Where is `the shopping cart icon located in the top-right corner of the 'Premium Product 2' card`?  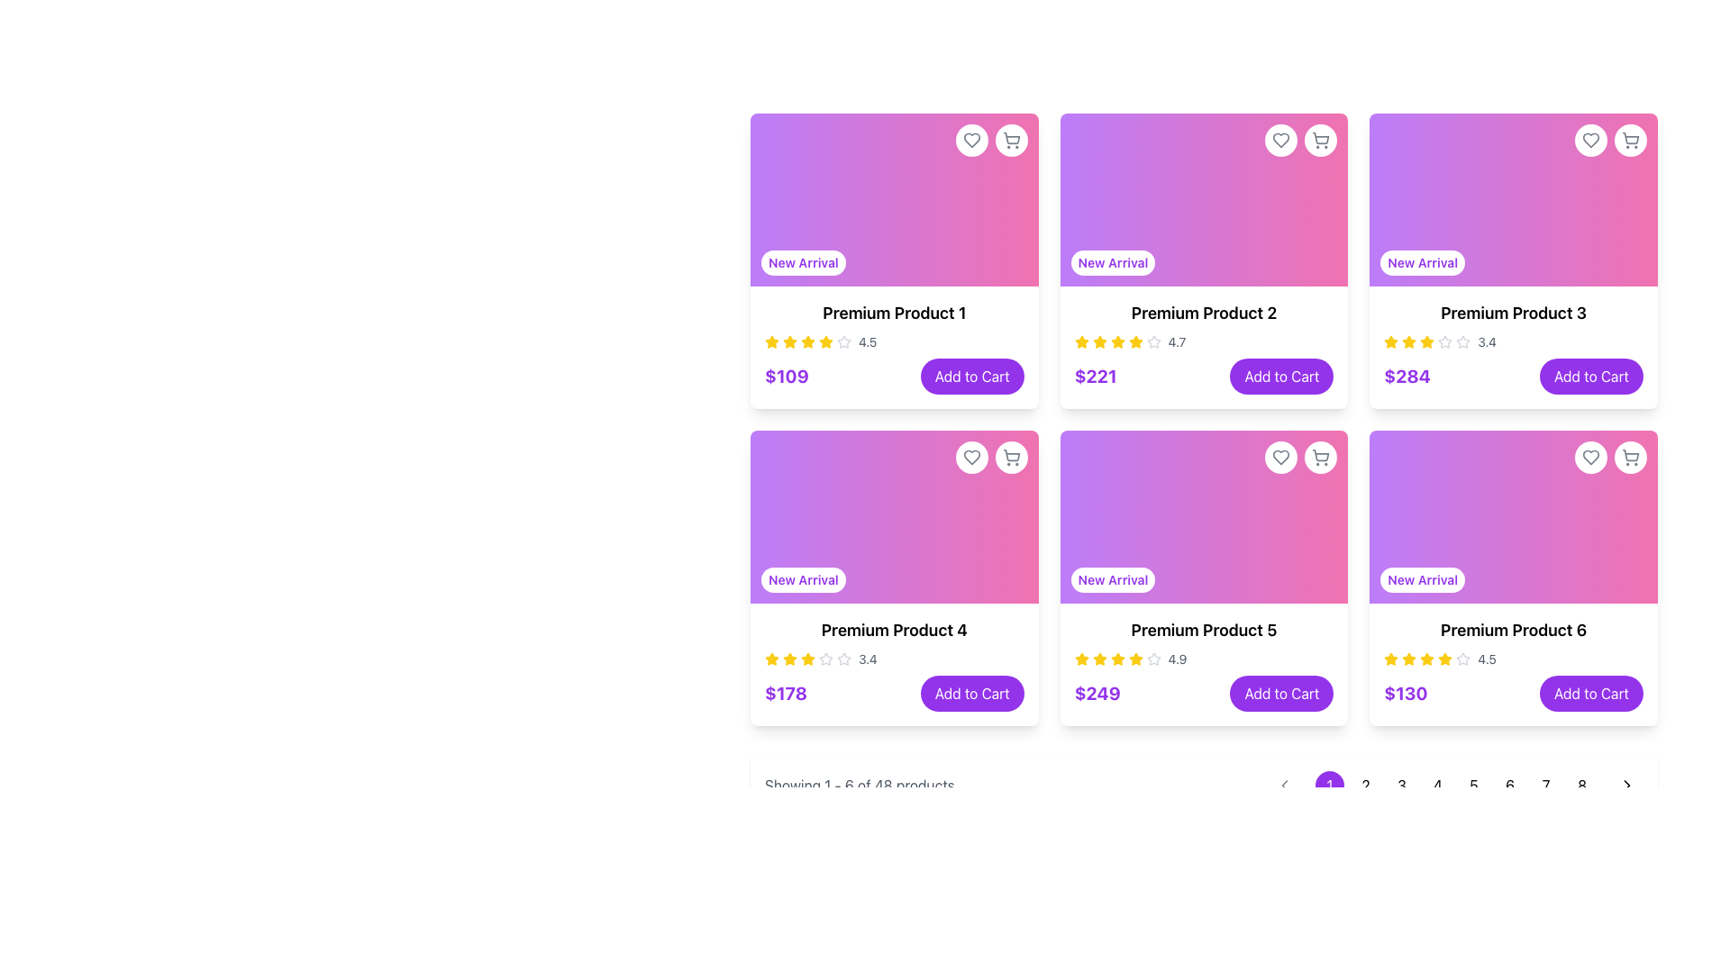
the shopping cart icon located in the top-right corner of the 'Premium Product 2' card is located at coordinates (1321, 137).